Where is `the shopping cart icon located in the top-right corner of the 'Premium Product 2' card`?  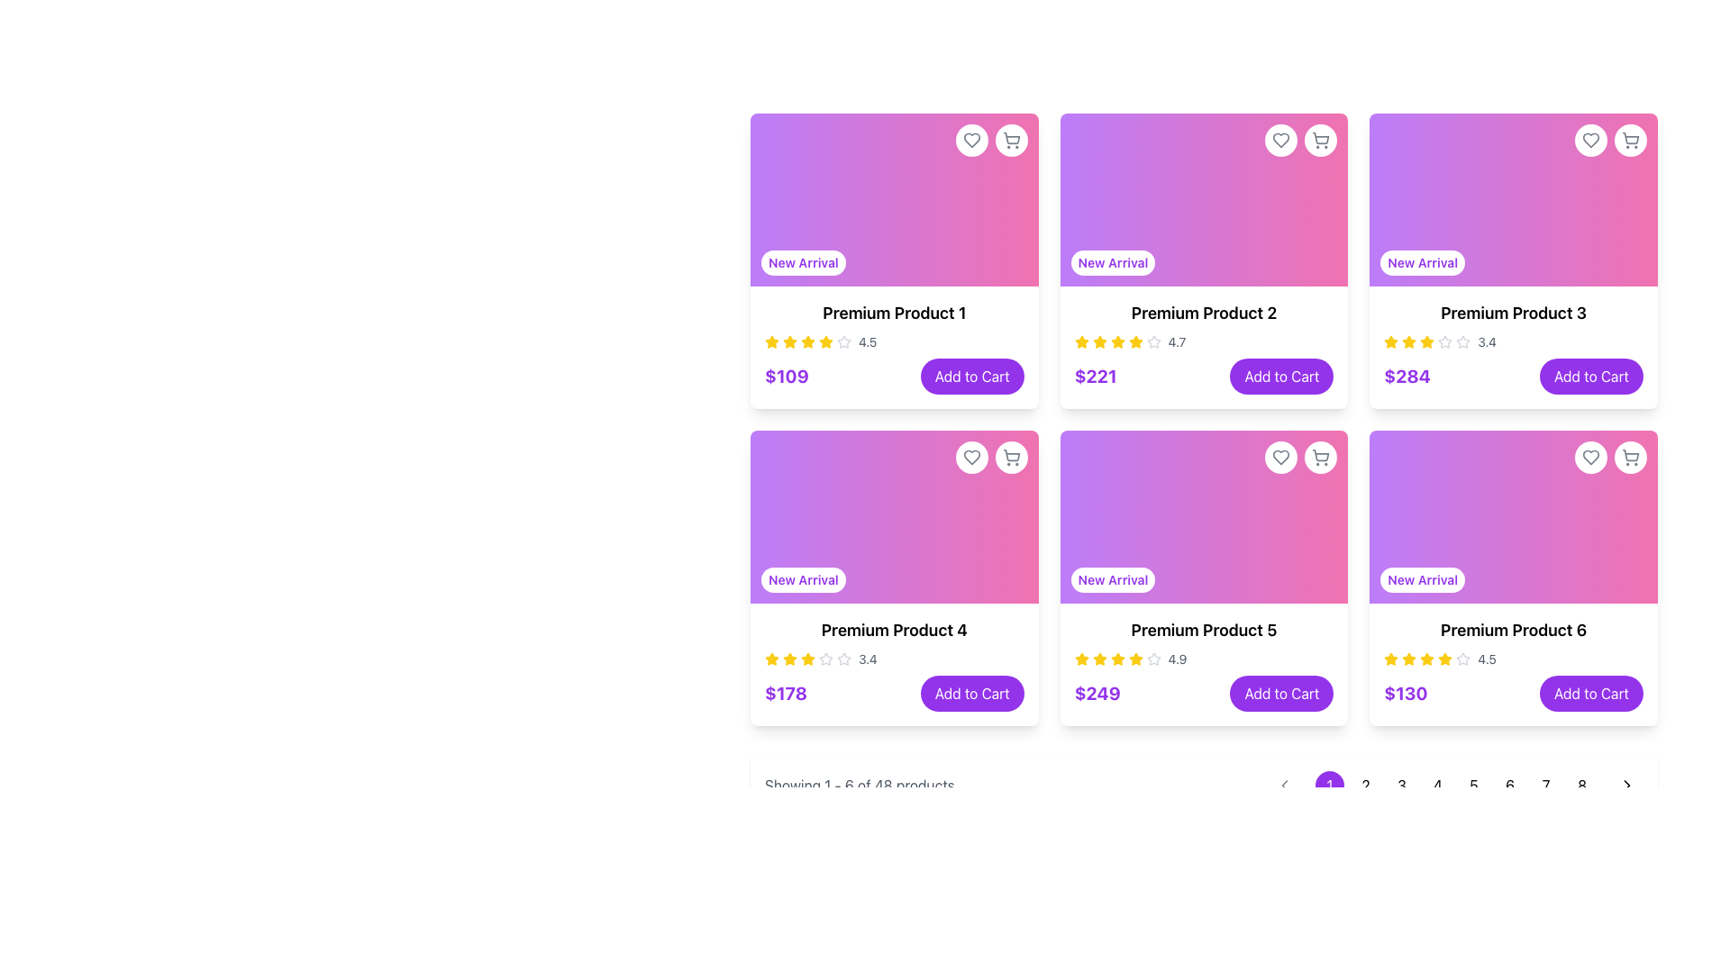
the shopping cart icon located in the top-right corner of the 'Premium Product 2' card is located at coordinates (1321, 137).